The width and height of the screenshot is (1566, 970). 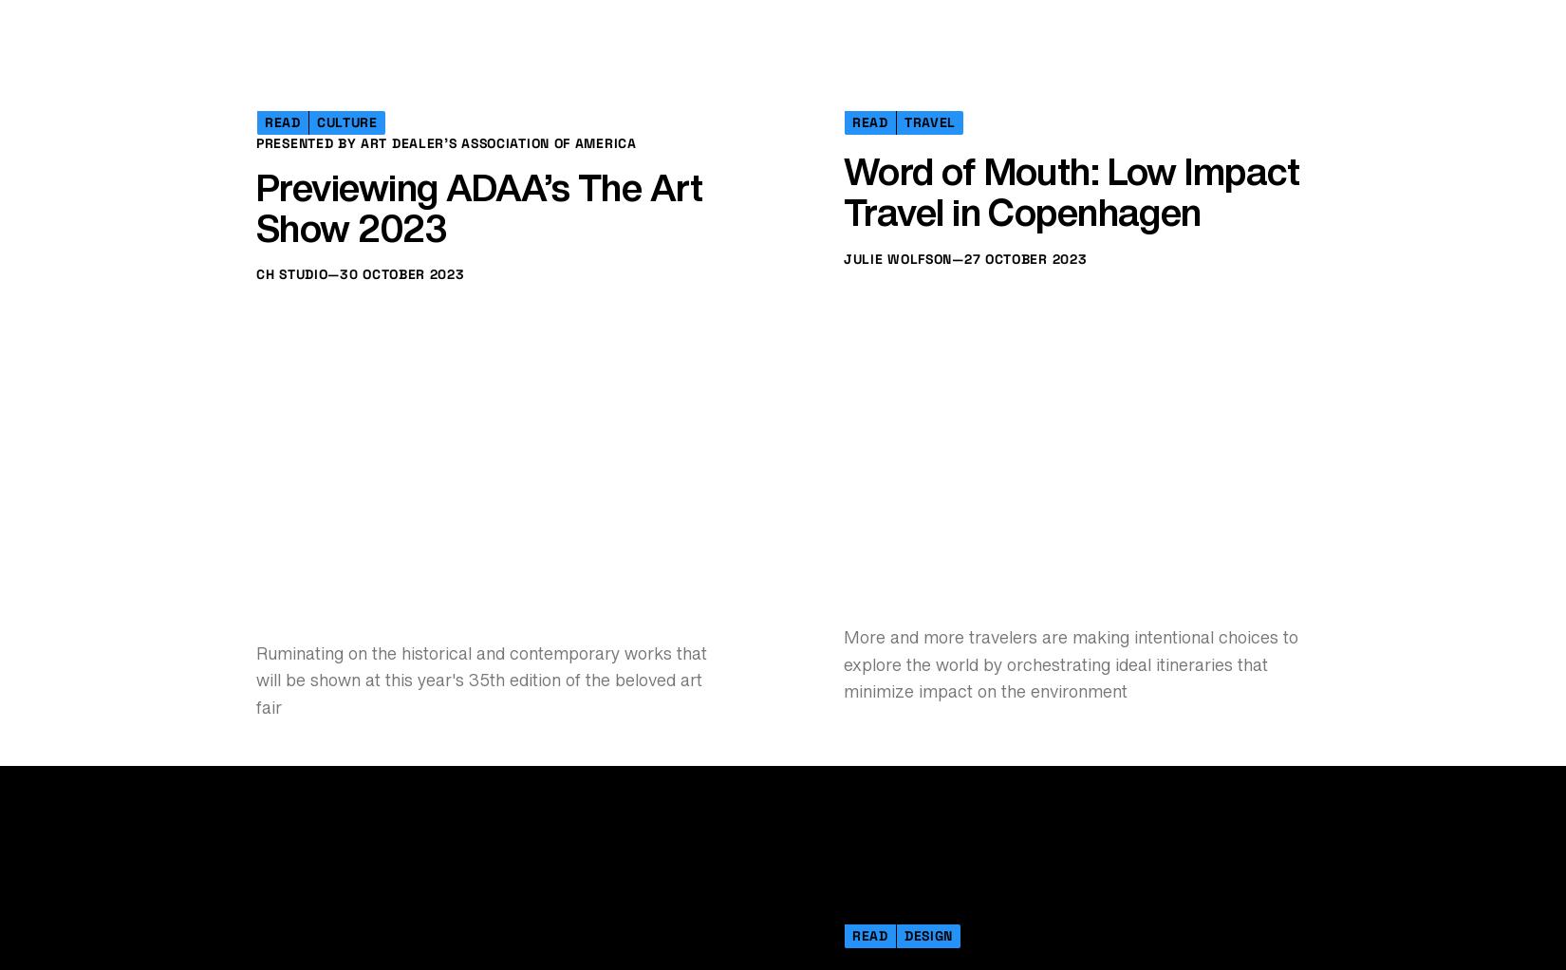 I want to click on 'David Graver', so click(x=365, y=302).